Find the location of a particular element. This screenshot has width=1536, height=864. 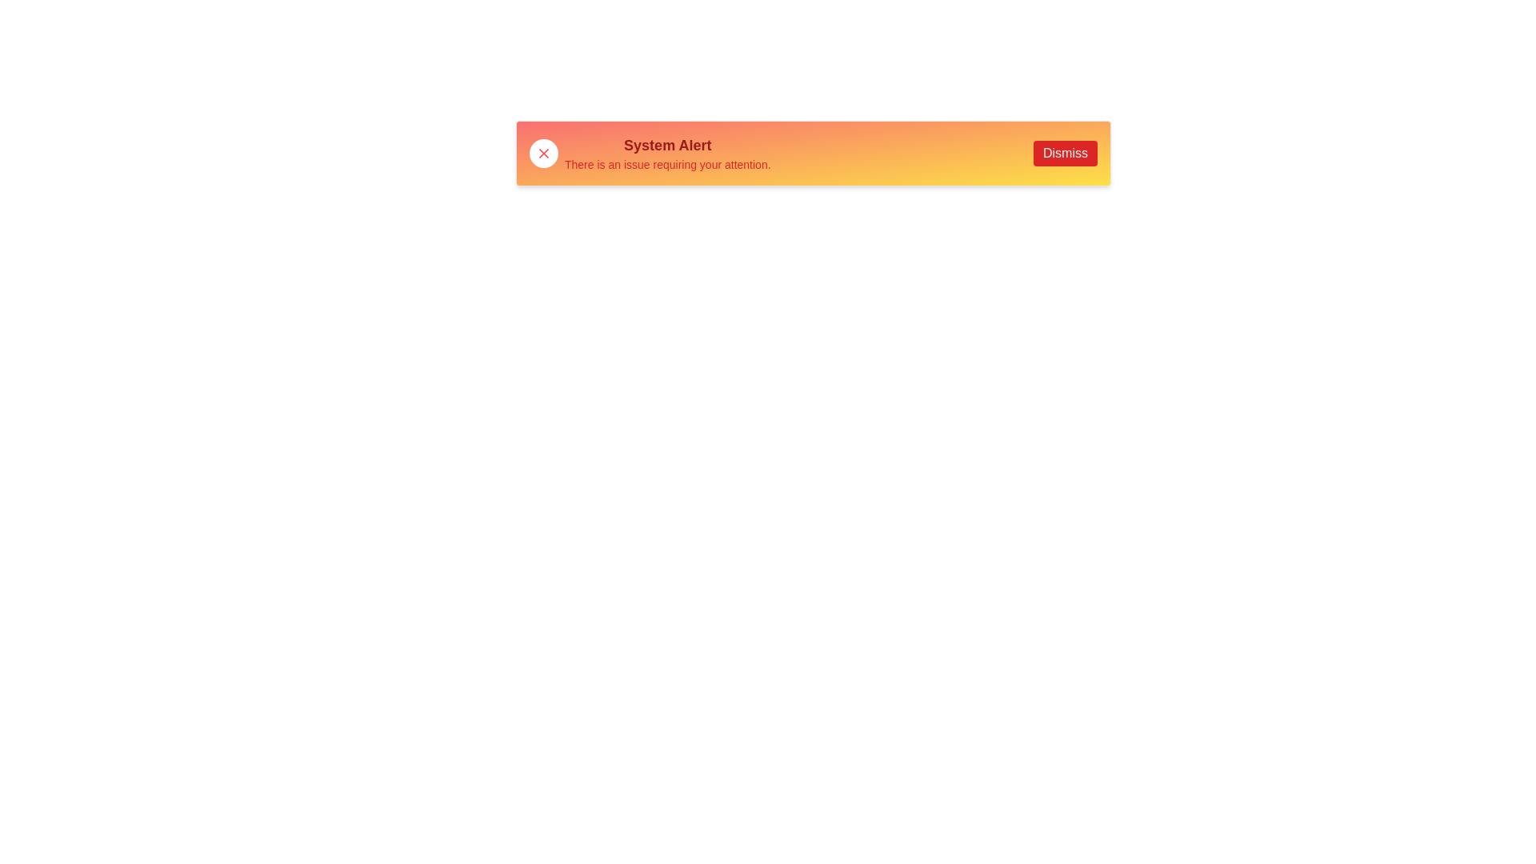

the primary informational content section of the alert box, which is aligned vertically with the dismiss button on the right and the close button on the left is located at coordinates (650, 154).